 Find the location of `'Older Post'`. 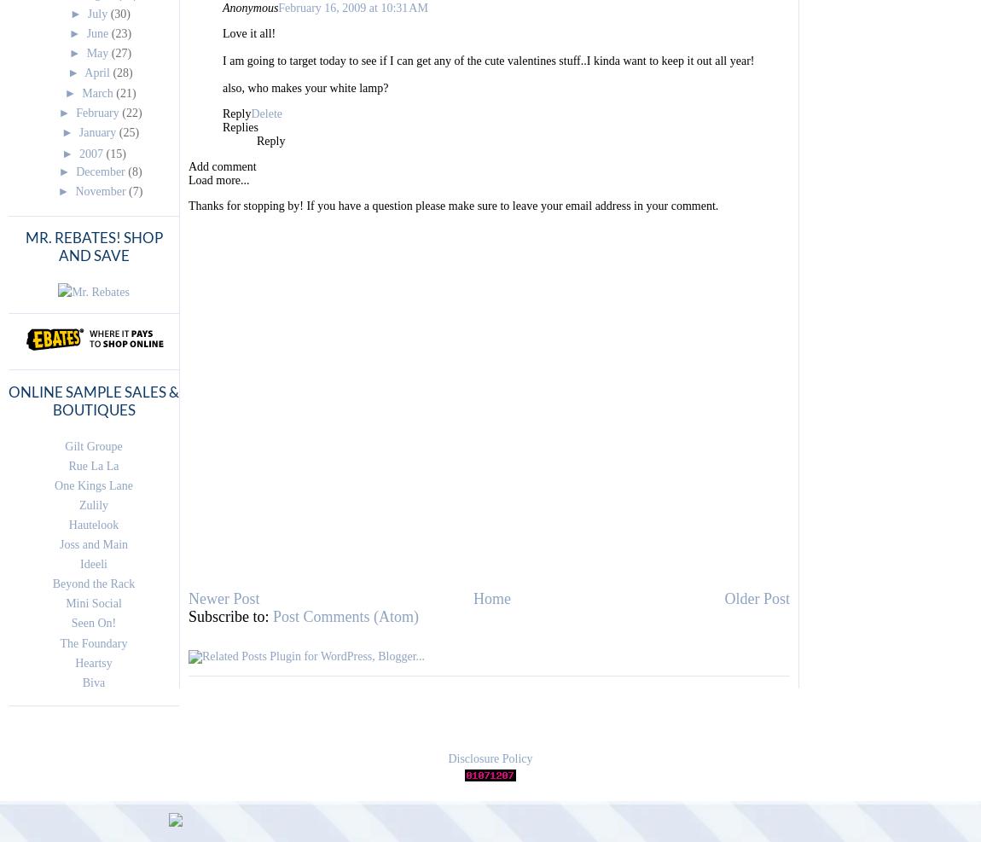

'Older Post' is located at coordinates (757, 598).